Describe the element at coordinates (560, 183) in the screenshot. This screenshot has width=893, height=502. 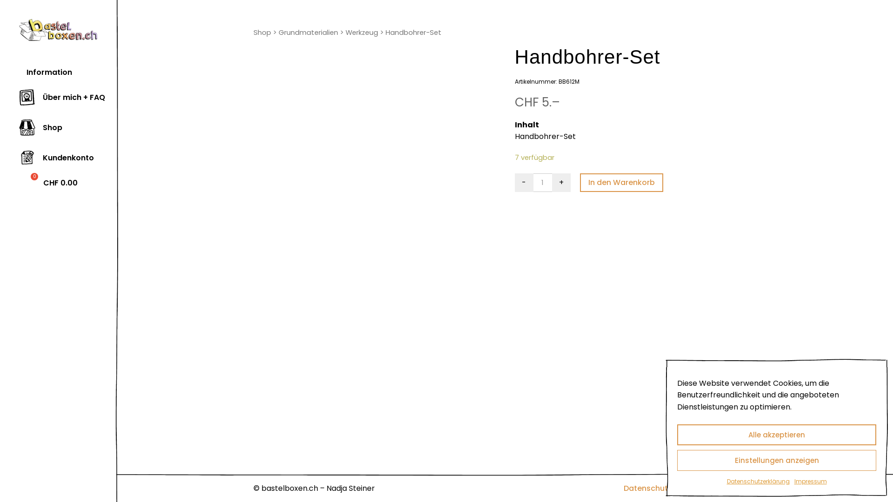
I see `'+'` at that location.